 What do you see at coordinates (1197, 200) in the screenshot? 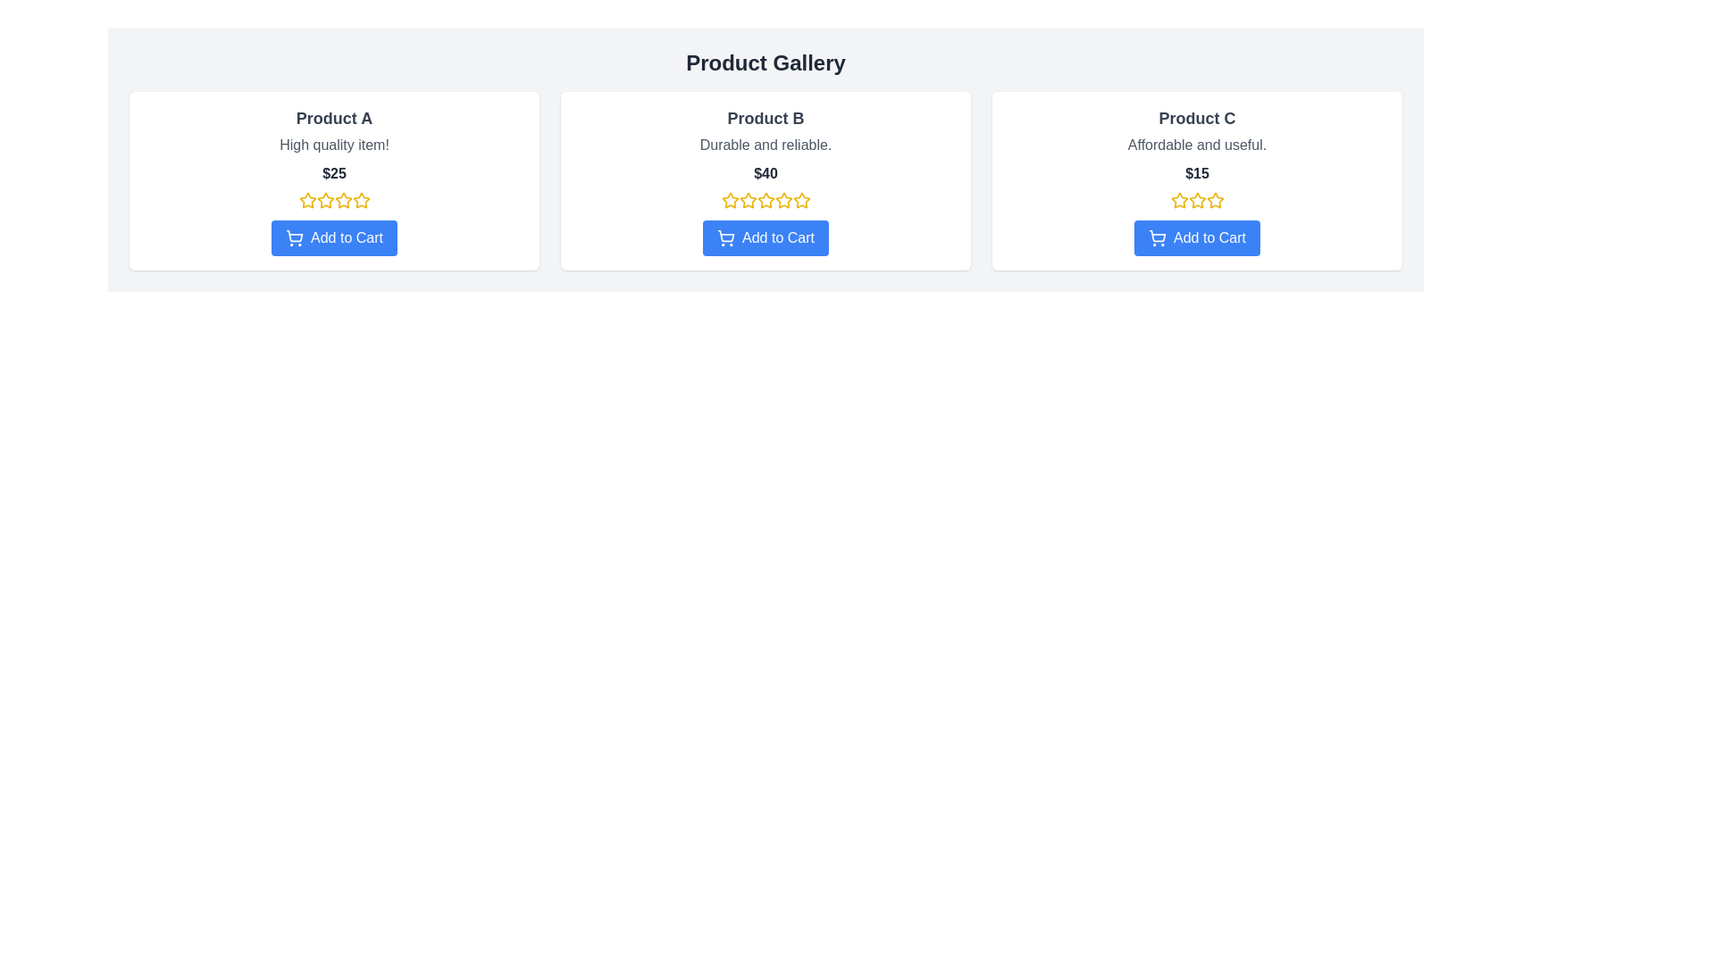
I see `the third star in the rating system located beneath the 'Product C' card` at bounding box center [1197, 200].